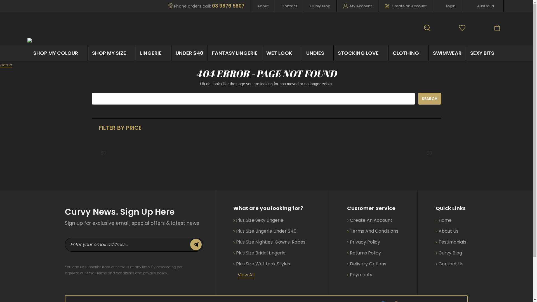 Image resolution: width=537 pixels, height=302 pixels. I want to click on 'Curvaceously Yours Lingerie', so click(82, 40).